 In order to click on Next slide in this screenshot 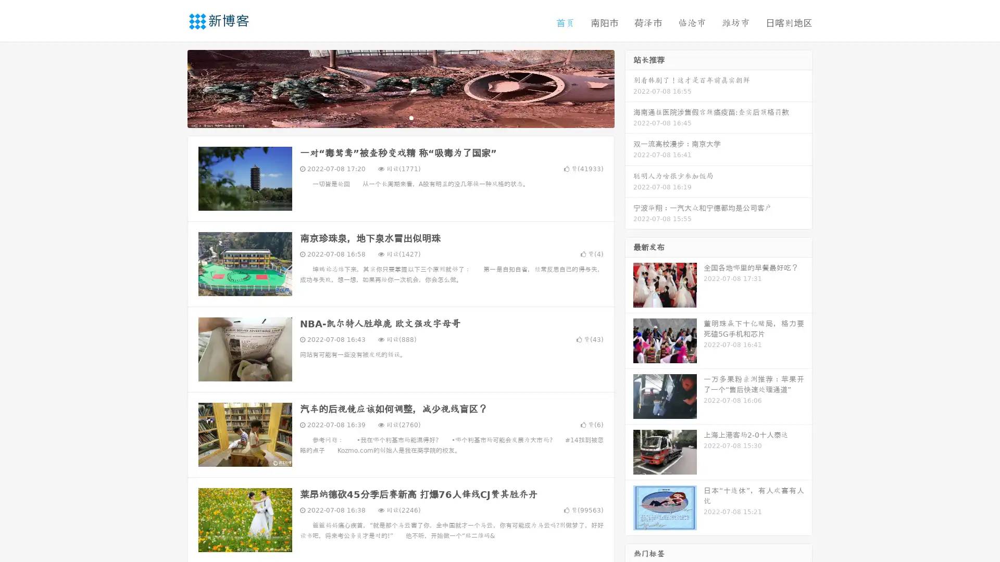, I will do `click(629, 87)`.